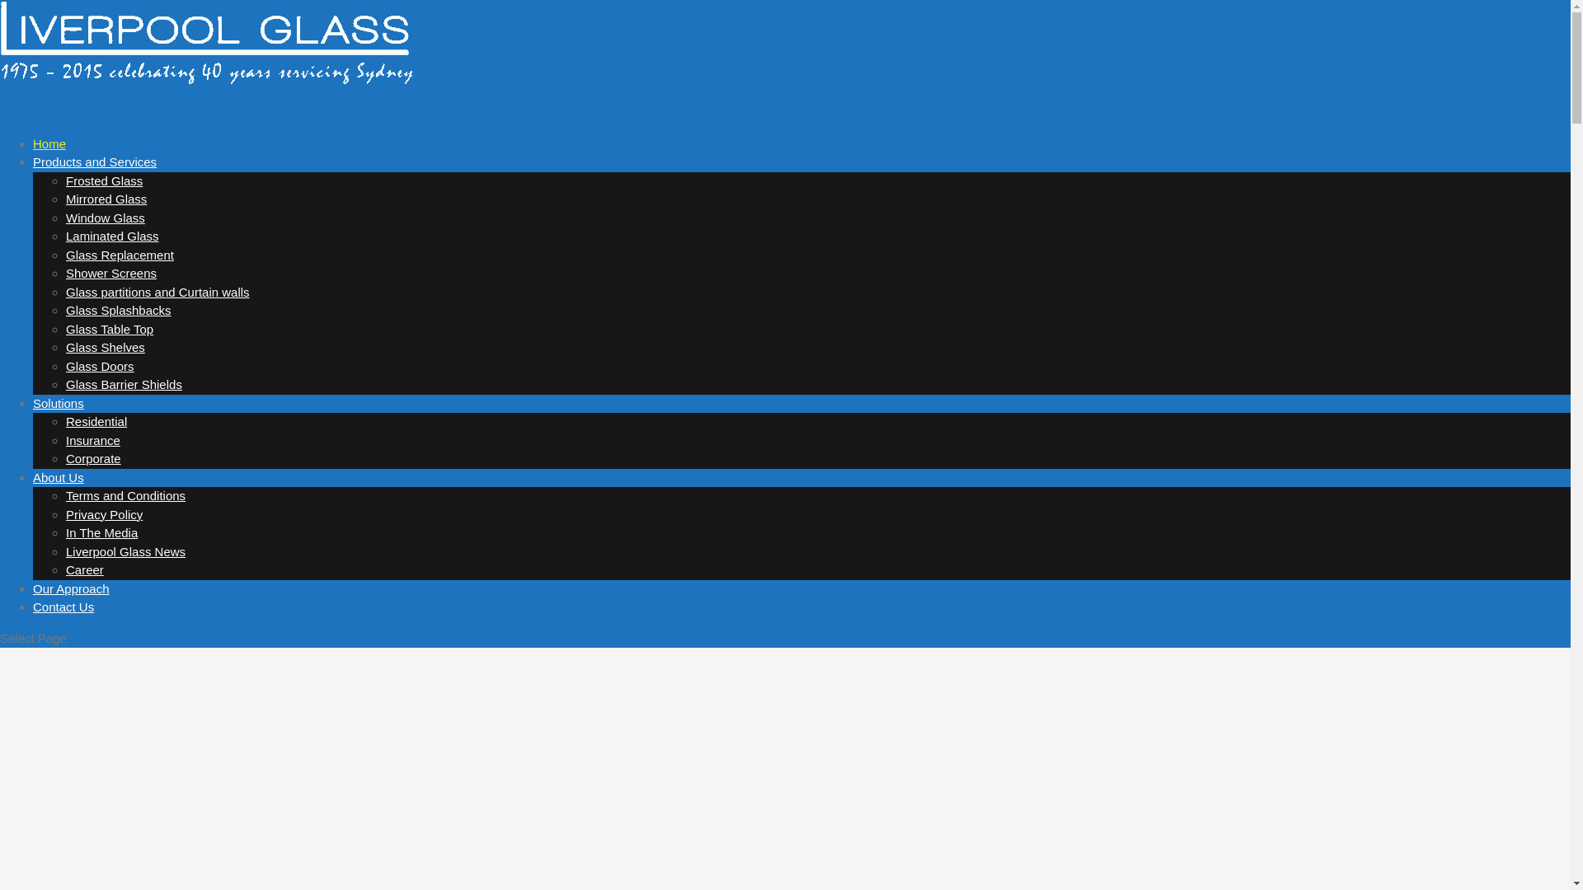 Image resolution: width=1583 pixels, height=890 pixels. What do you see at coordinates (59, 418) in the screenshot?
I see `'Solutions'` at bounding box center [59, 418].